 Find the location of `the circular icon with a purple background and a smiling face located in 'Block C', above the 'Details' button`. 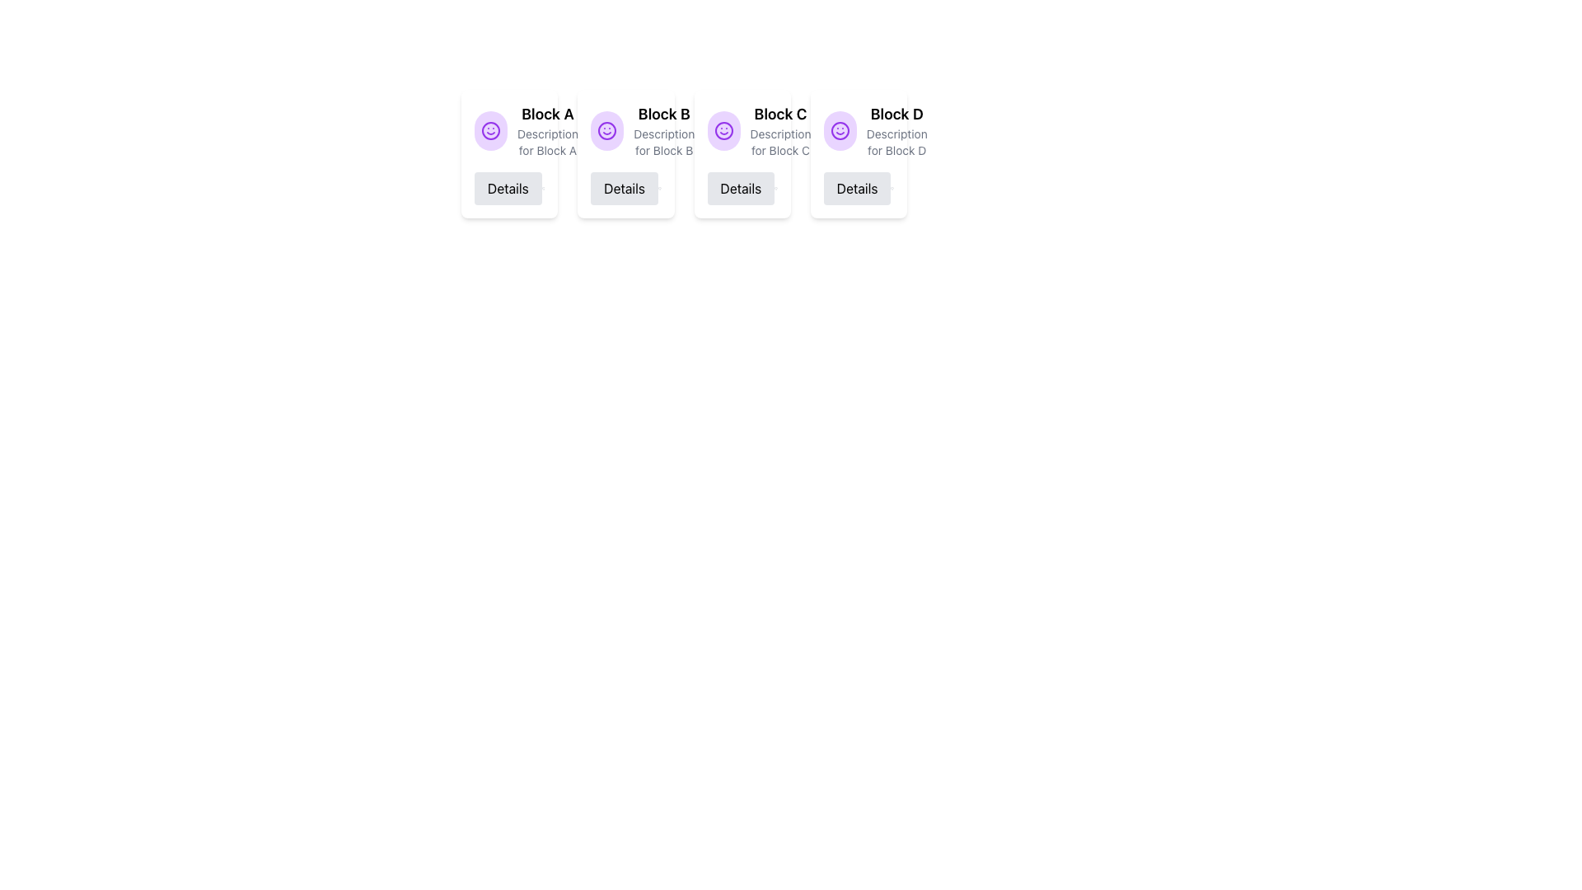

the circular icon with a purple background and a smiling face located in 'Block C', above the 'Details' button is located at coordinates (723, 129).